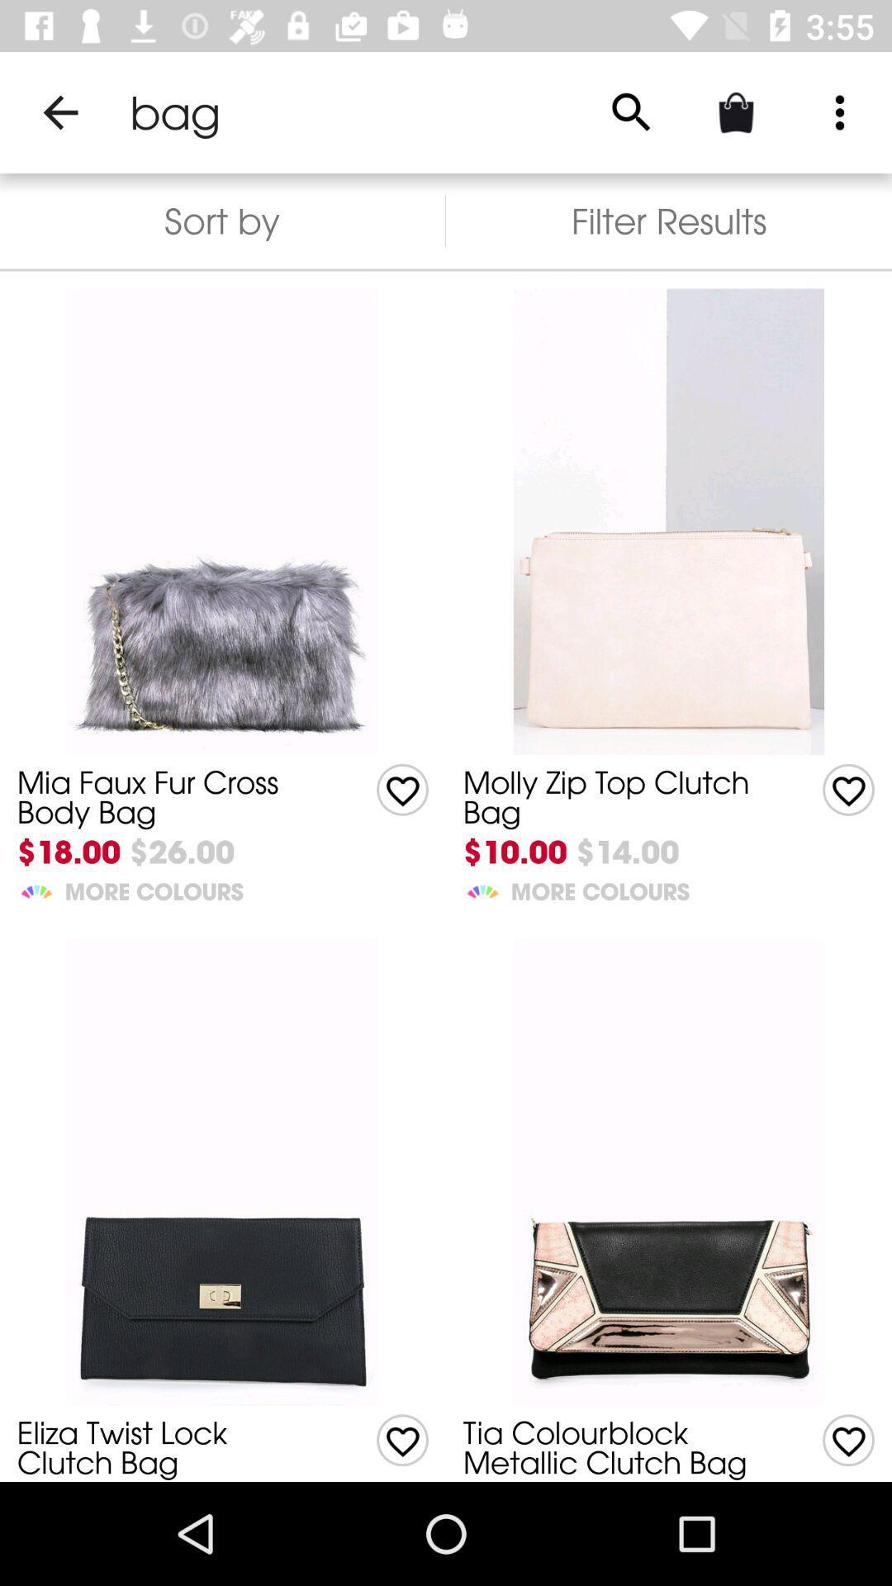 The height and width of the screenshot is (1586, 892). What do you see at coordinates (669, 220) in the screenshot?
I see `filter results icon` at bounding box center [669, 220].